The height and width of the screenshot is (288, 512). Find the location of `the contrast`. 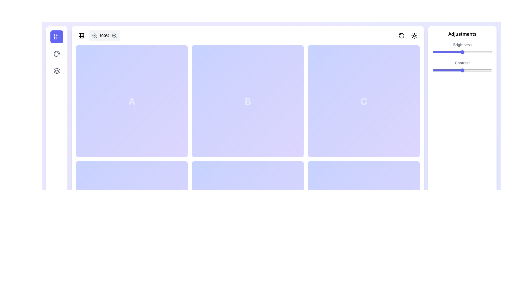

the contrast is located at coordinates (448, 70).